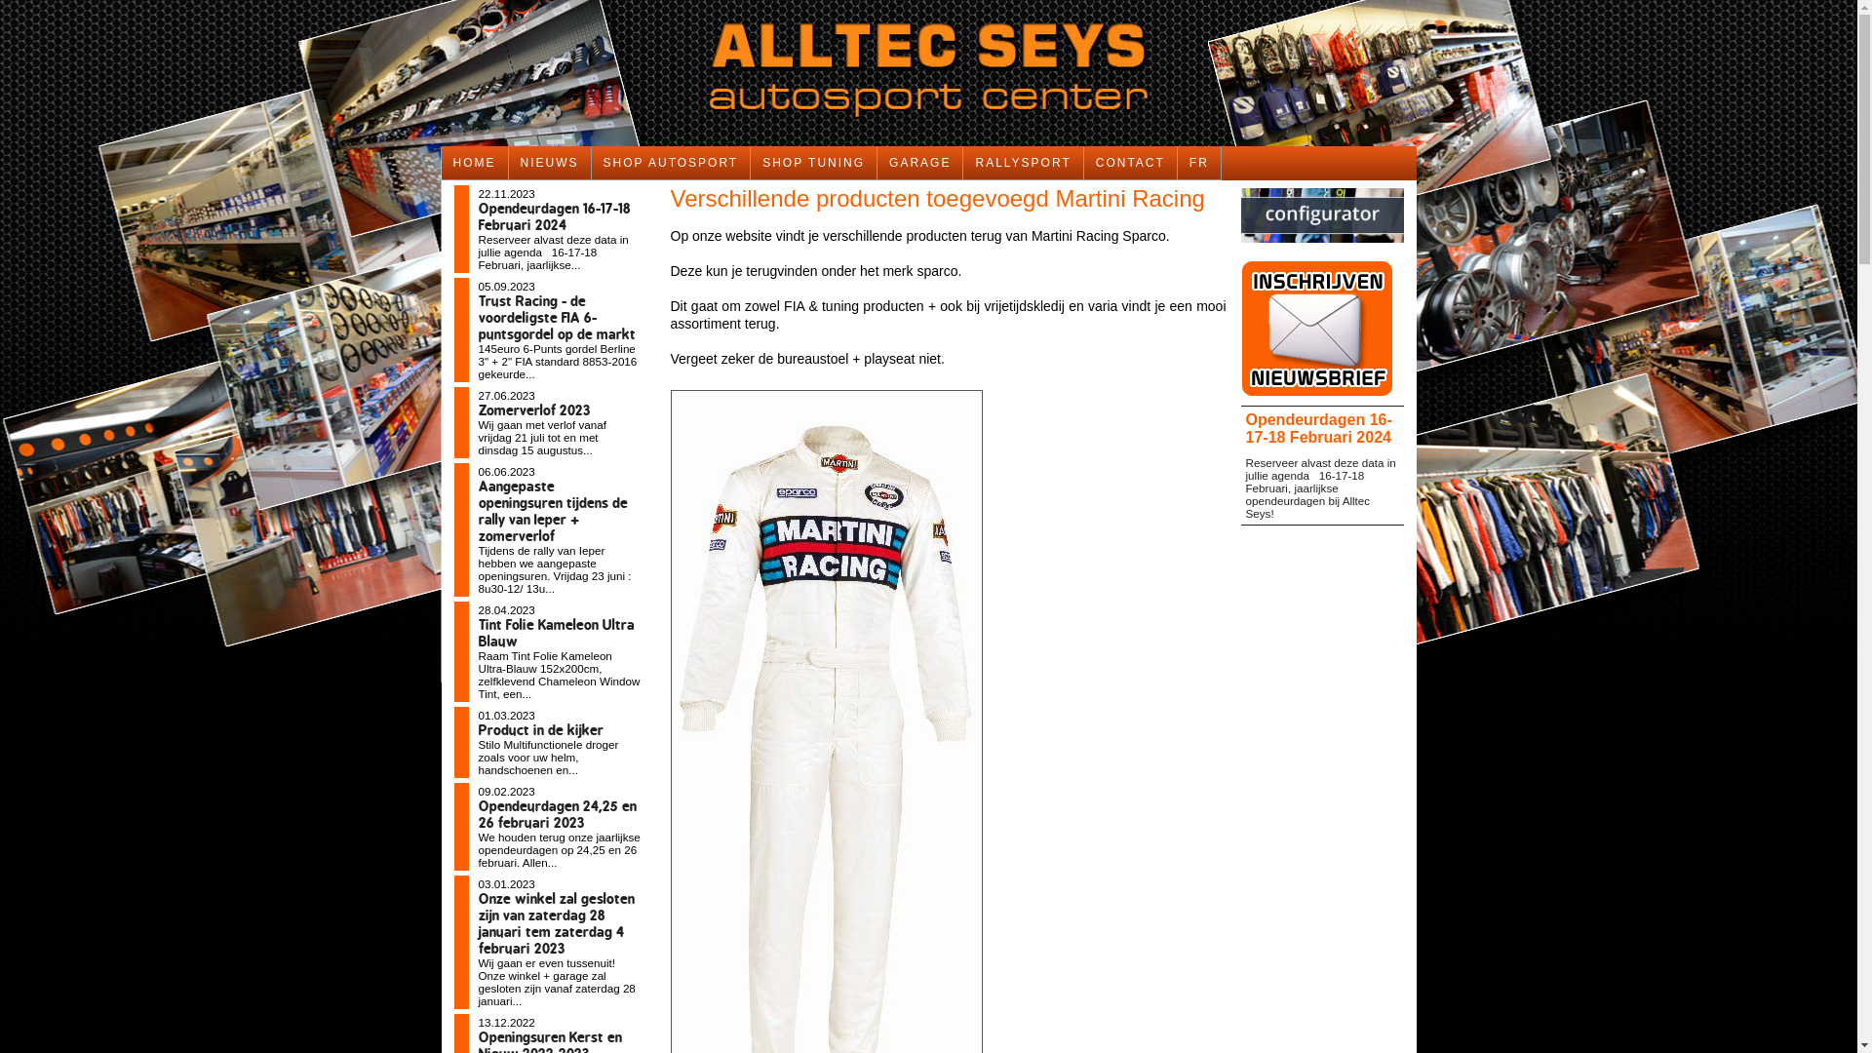 This screenshot has height=1053, width=1872. What do you see at coordinates (1083, 162) in the screenshot?
I see `'CONTACT'` at bounding box center [1083, 162].